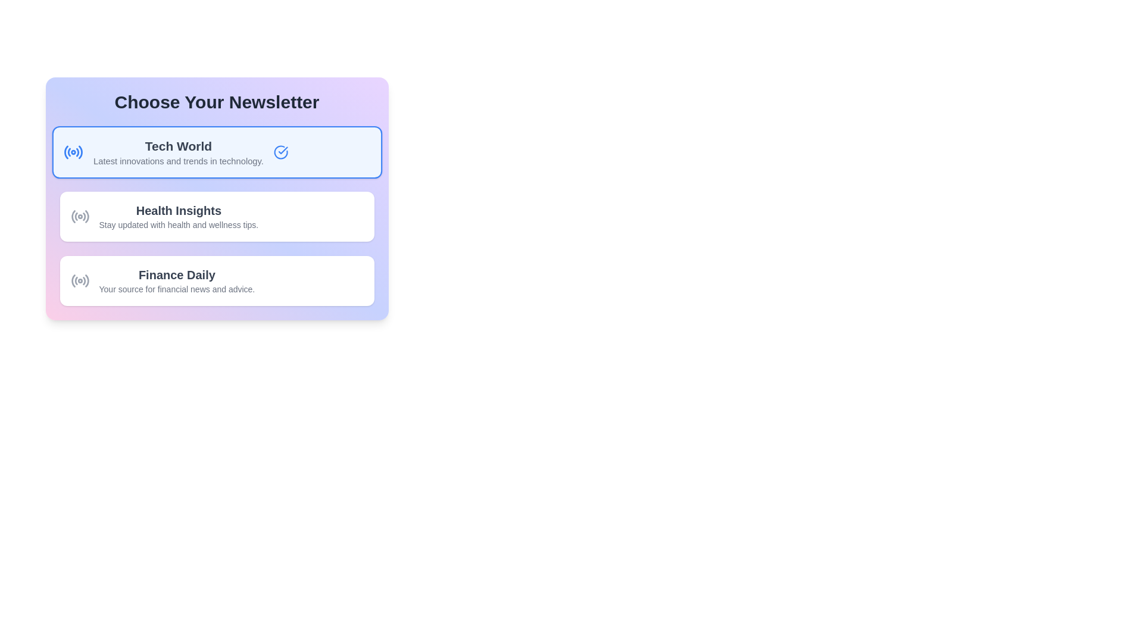  Describe the element at coordinates (79, 280) in the screenshot. I see `the circular radio icon` at that location.